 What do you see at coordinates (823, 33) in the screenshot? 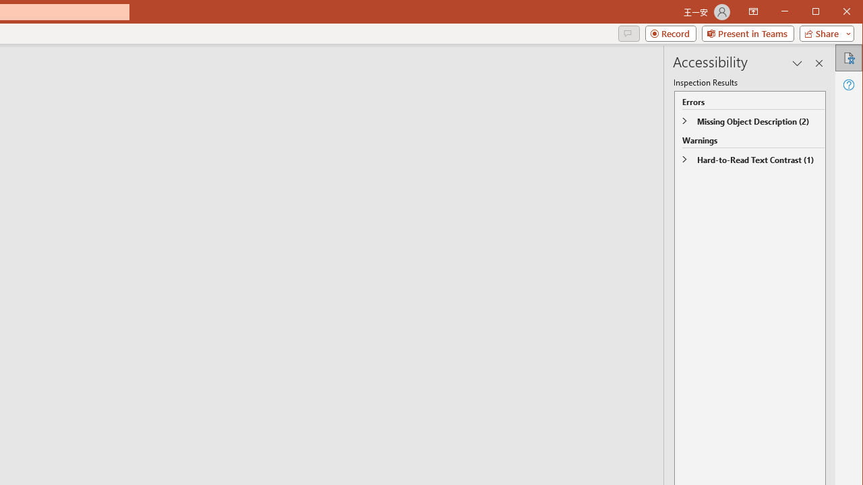
I see `'Share'` at bounding box center [823, 33].